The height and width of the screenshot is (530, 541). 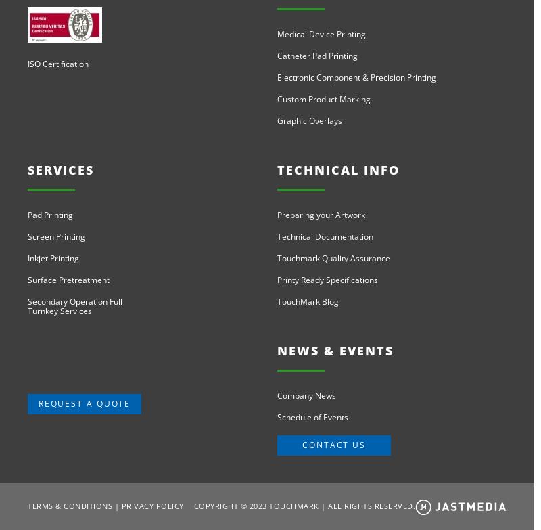 What do you see at coordinates (60, 310) in the screenshot?
I see `'Turnkey Services'` at bounding box center [60, 310].